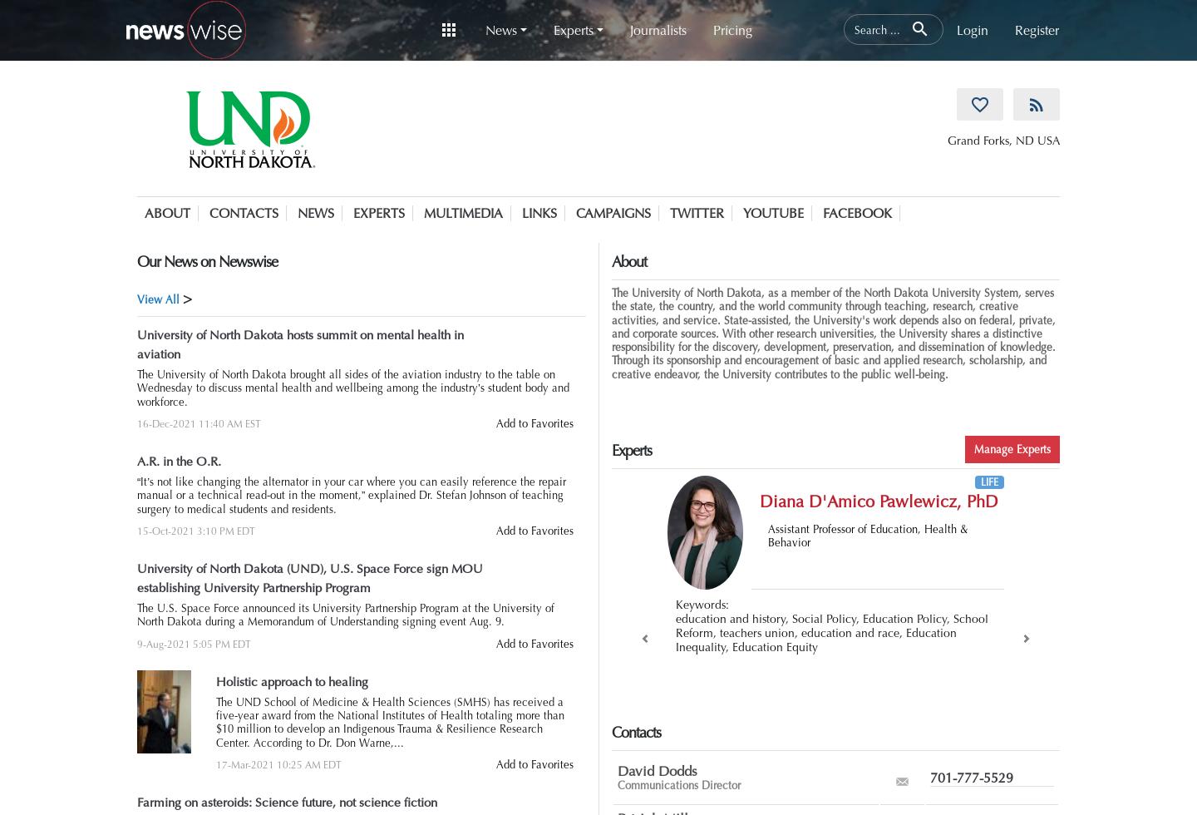 This screenshot has width=1197, height=815. Describe the element at coordinates (617, 770) in the screenshot. I see `'David Dodds'` at that location.